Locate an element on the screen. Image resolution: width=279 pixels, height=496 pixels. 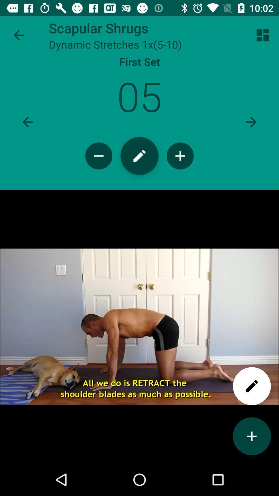
next page is located at coordinates (251, 122).